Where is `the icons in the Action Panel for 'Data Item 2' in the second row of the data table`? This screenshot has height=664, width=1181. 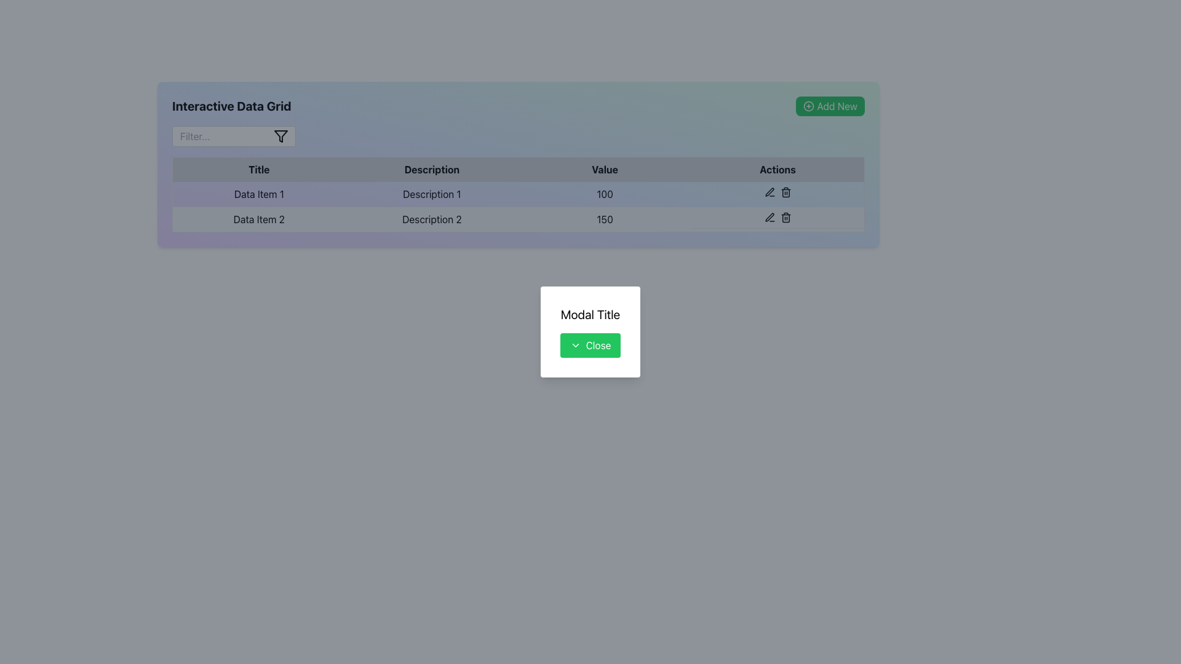
the icons in the Action Panel for 'Data Item 2' in the second row of the data table is located at coordinates (777, 217).